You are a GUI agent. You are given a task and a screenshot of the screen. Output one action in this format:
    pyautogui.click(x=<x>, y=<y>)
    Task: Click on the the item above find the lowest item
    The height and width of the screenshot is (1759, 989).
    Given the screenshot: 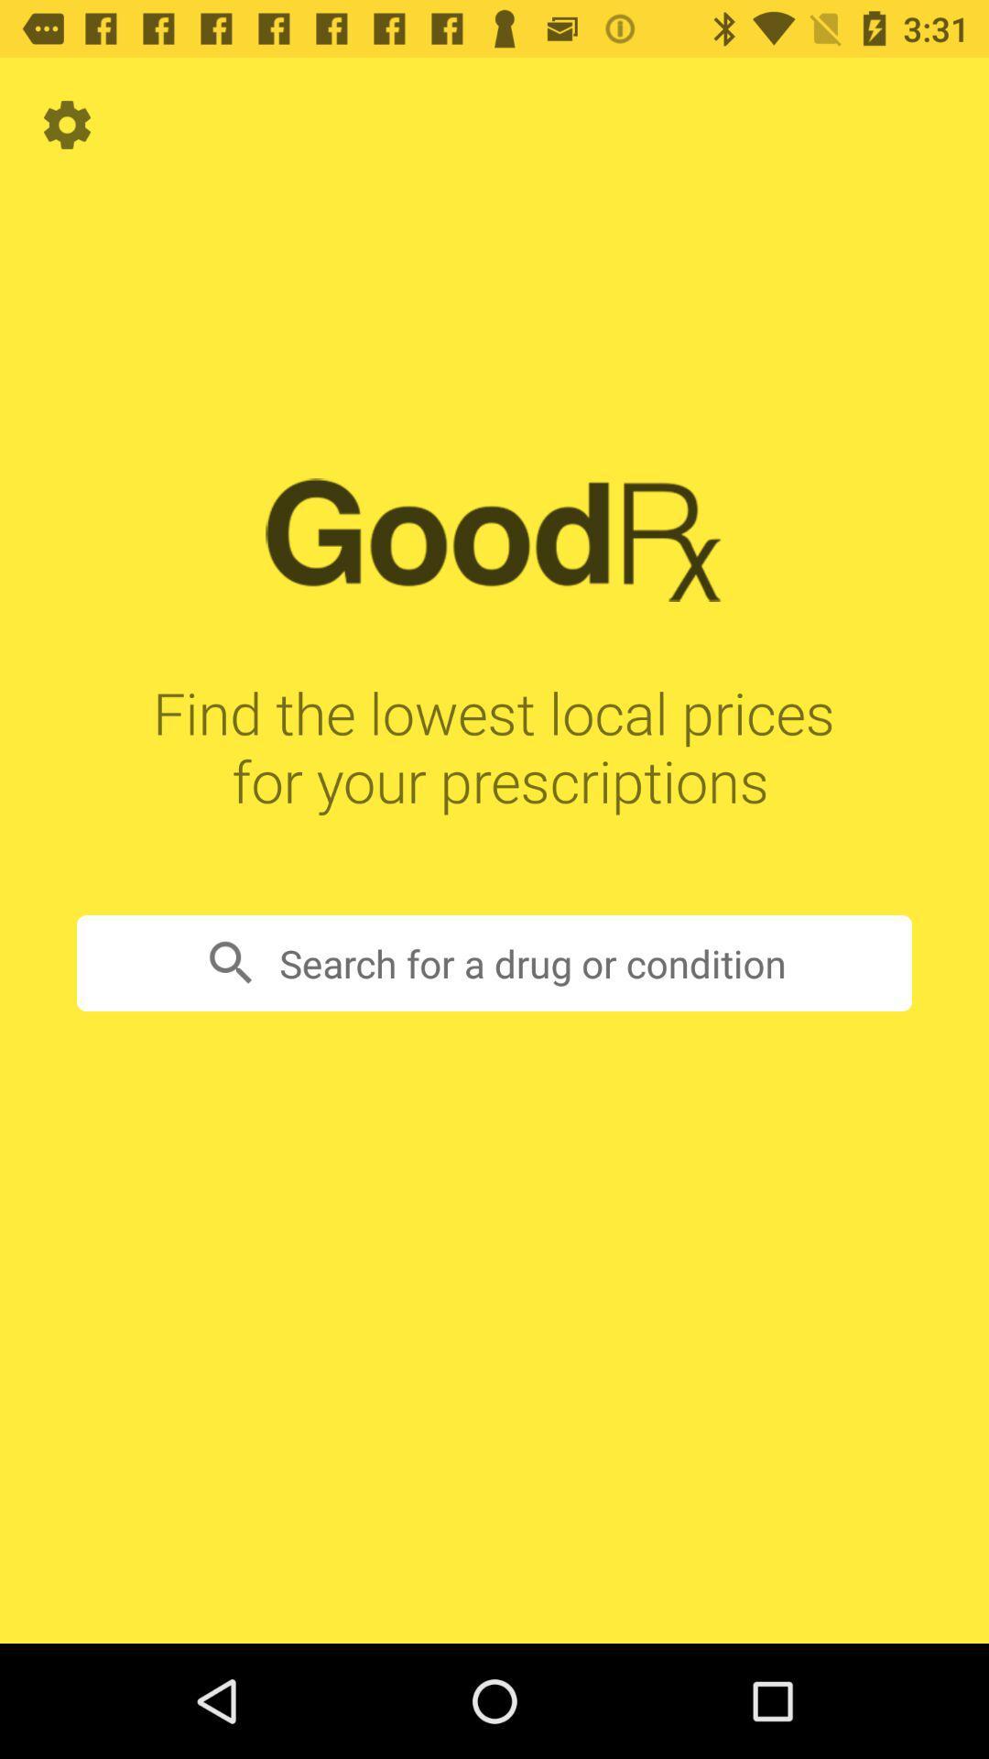 What is the action you would take?
    pyautogui.click(x=66, y=124)
    